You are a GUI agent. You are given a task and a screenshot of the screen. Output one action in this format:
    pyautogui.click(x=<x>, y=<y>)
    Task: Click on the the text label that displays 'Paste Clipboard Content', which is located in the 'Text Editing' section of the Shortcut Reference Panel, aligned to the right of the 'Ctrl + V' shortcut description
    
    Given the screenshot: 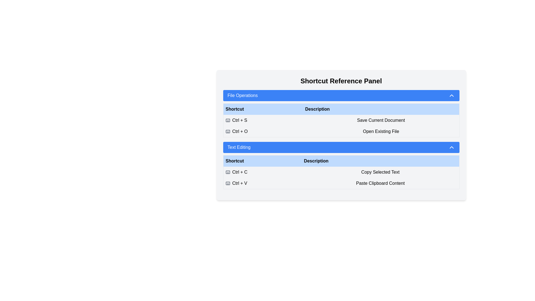 What is the action you would take?
    pyautogui.click(x=380, y=183)
    